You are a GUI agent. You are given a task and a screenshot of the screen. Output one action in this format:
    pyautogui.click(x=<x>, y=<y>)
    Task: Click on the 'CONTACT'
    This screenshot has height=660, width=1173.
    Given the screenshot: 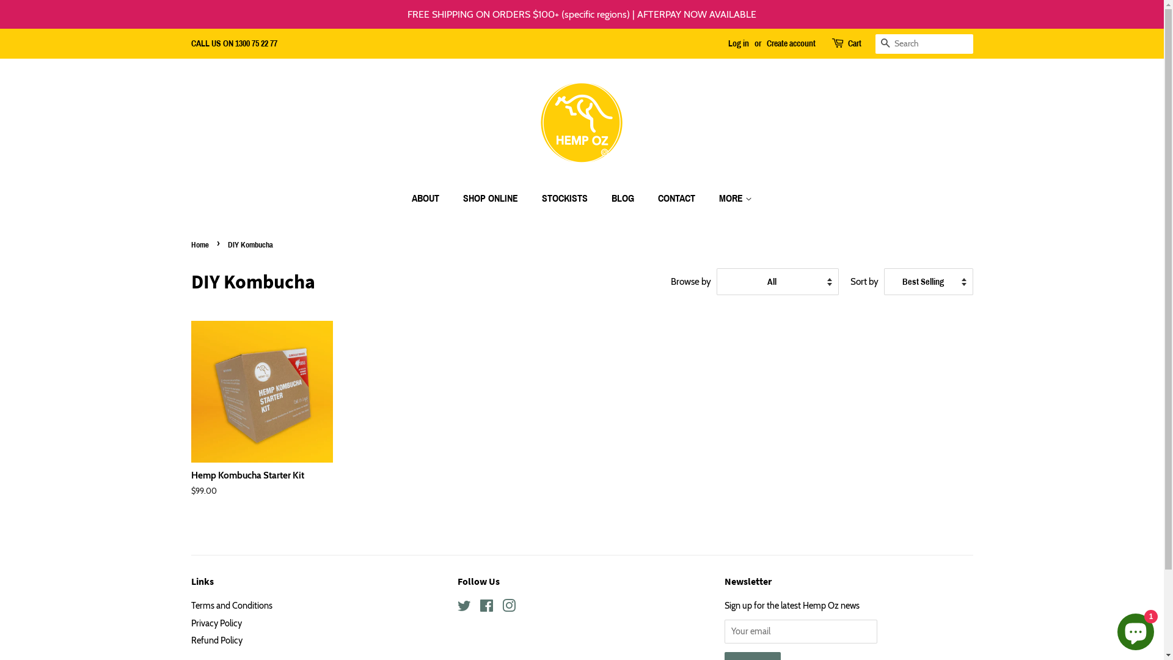 What is the action you would take?
    pyautogui.click(x=648, y=197)
    